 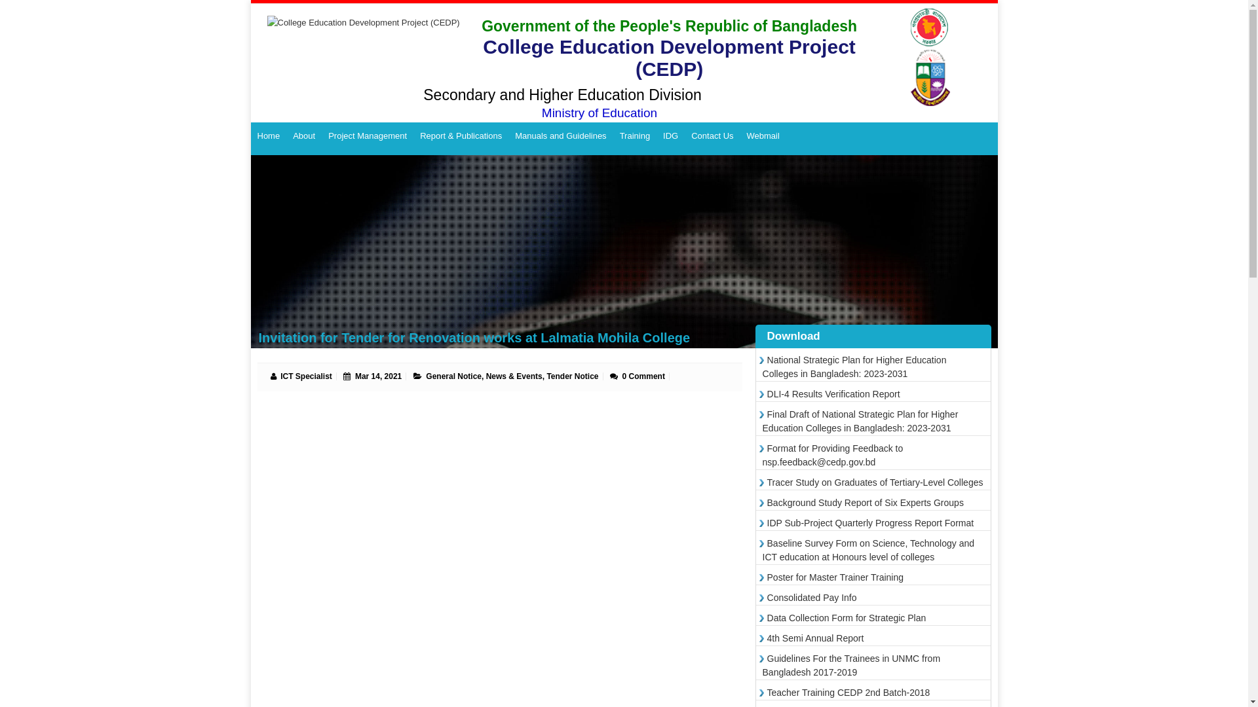 What do you see at coordinates (863, 501) in the screenshot?
I see `'Background Study Report of Six Experts Groups'` at bounding box center [863, 501].